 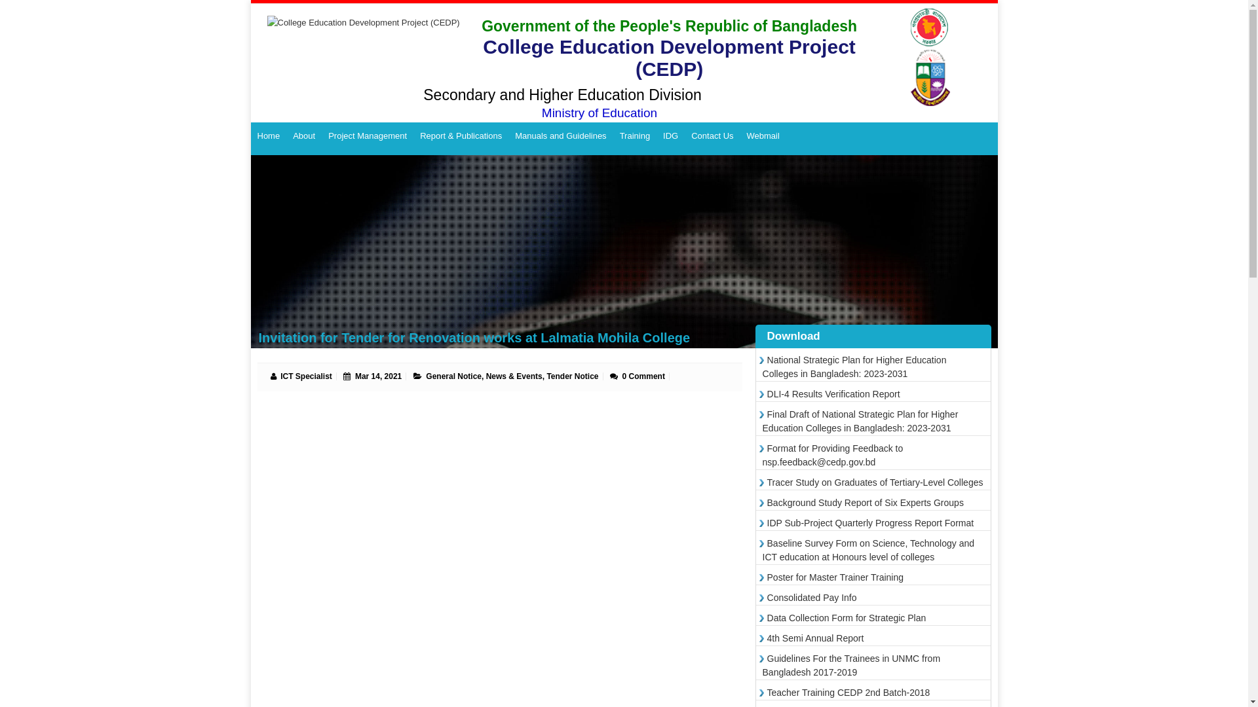 What do you see at coordinates (863, 501) in the screenshot?
I see `'Background Study Report of Six Experts Groups'` at bounding box center [863, 501].